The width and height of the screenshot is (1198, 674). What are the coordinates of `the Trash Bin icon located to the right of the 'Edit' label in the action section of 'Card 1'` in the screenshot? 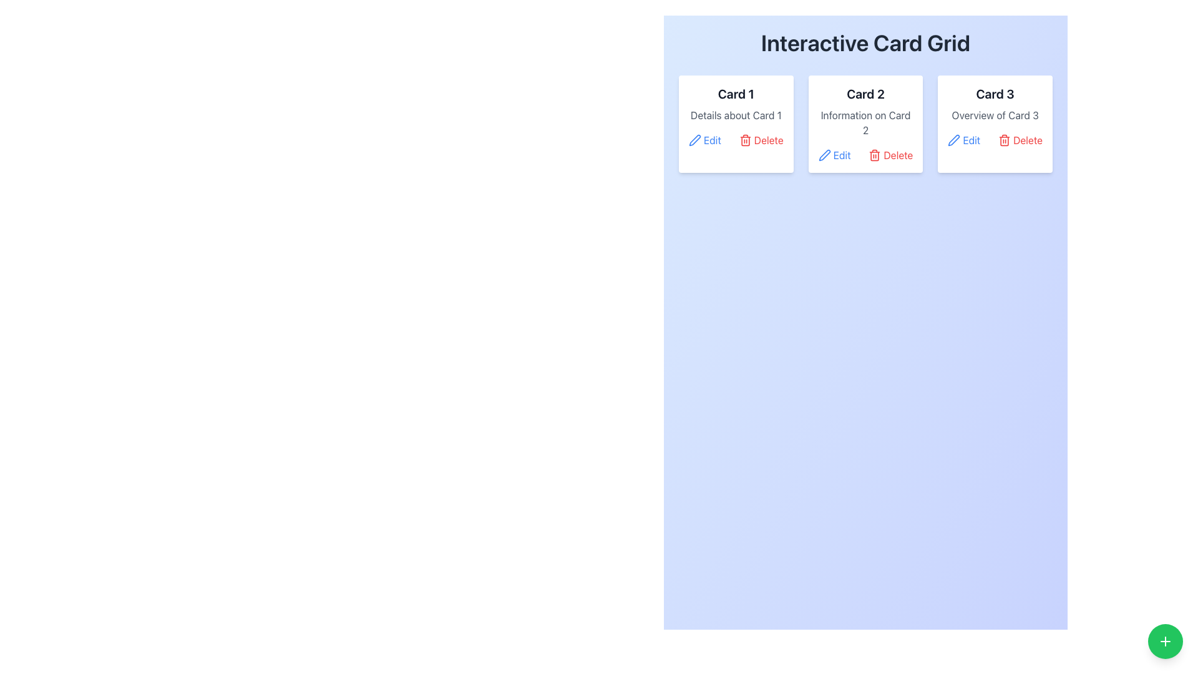 It's located at (745, 140).